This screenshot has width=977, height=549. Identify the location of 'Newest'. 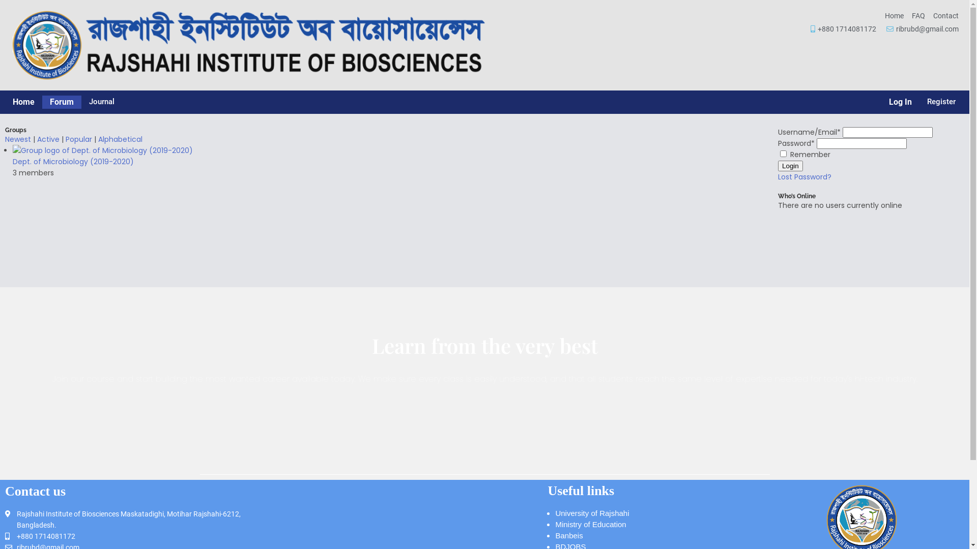
(18, 139).